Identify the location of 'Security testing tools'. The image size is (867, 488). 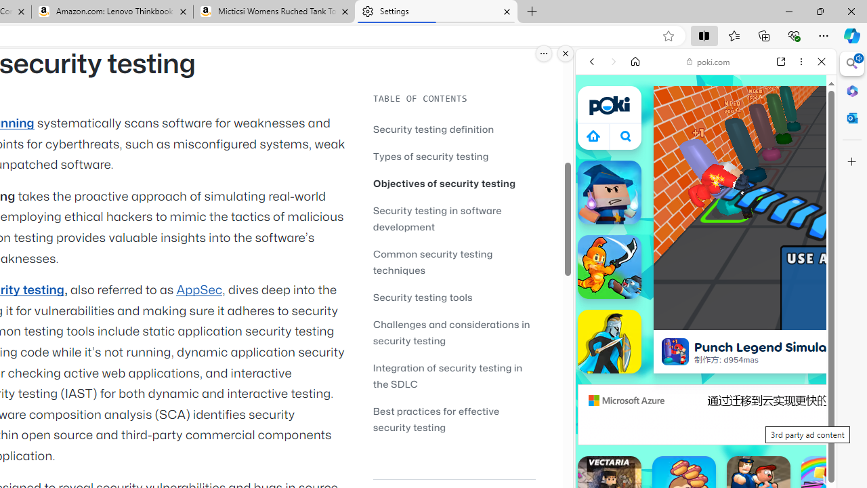
(454, 296).